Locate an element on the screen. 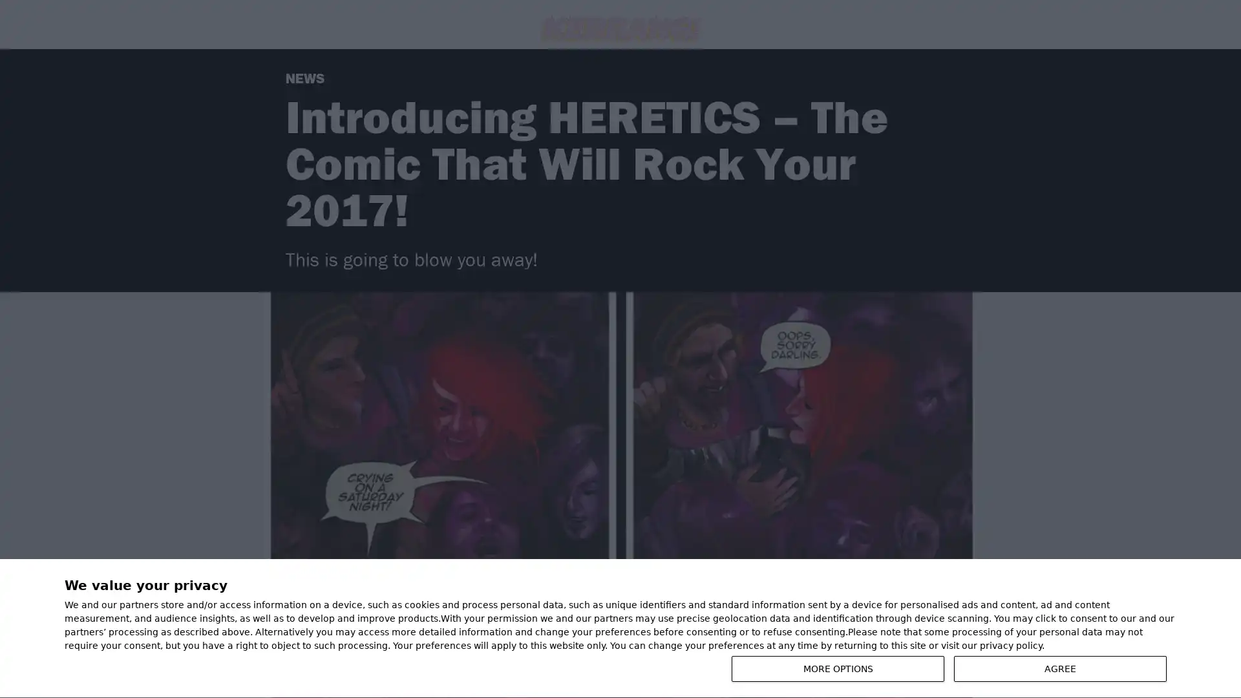 The width and height of the screenshot is (1241, 698). partners is located at coordinates (139, 605).